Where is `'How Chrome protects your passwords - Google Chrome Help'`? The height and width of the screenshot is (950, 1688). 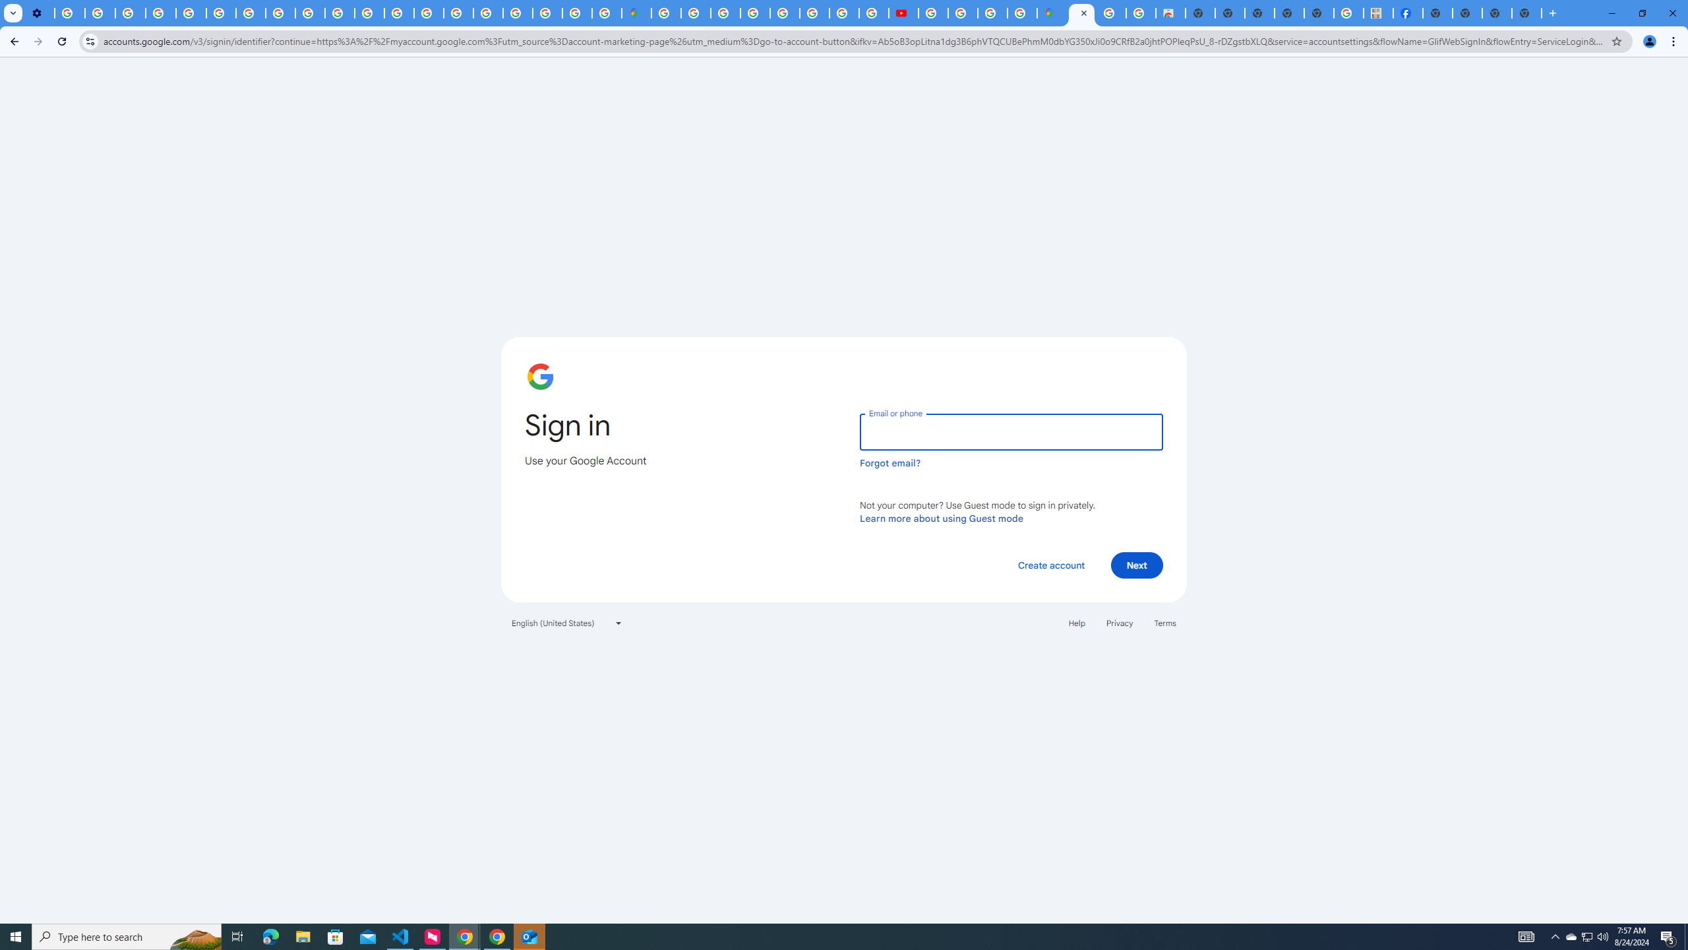
'How Chrome protects your passwords - Google Chrome Help' is located at coordinates (932, 13).